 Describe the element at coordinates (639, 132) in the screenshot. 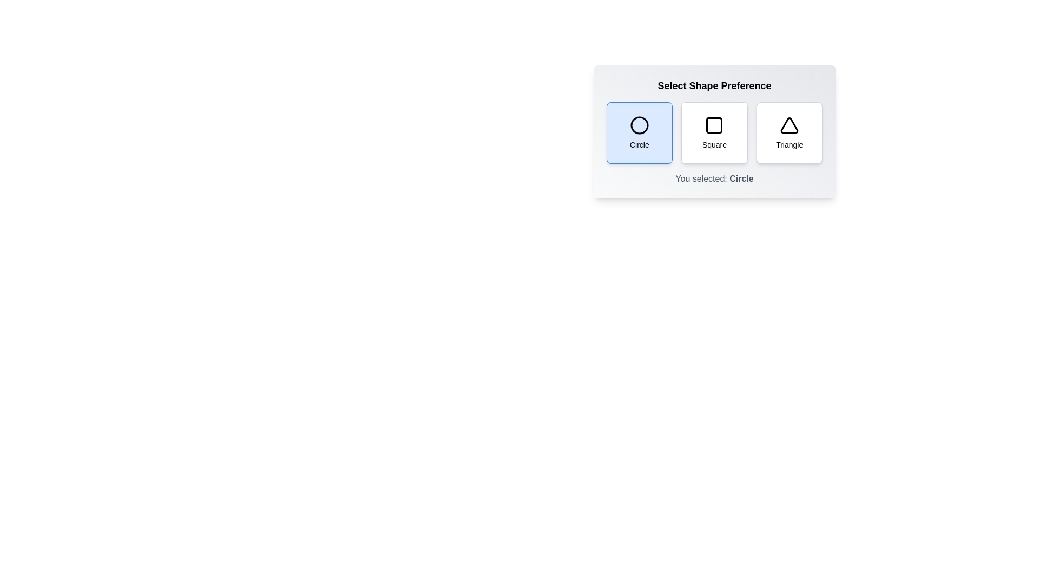

I see `the Circle button to observe the hover effect` at that location.